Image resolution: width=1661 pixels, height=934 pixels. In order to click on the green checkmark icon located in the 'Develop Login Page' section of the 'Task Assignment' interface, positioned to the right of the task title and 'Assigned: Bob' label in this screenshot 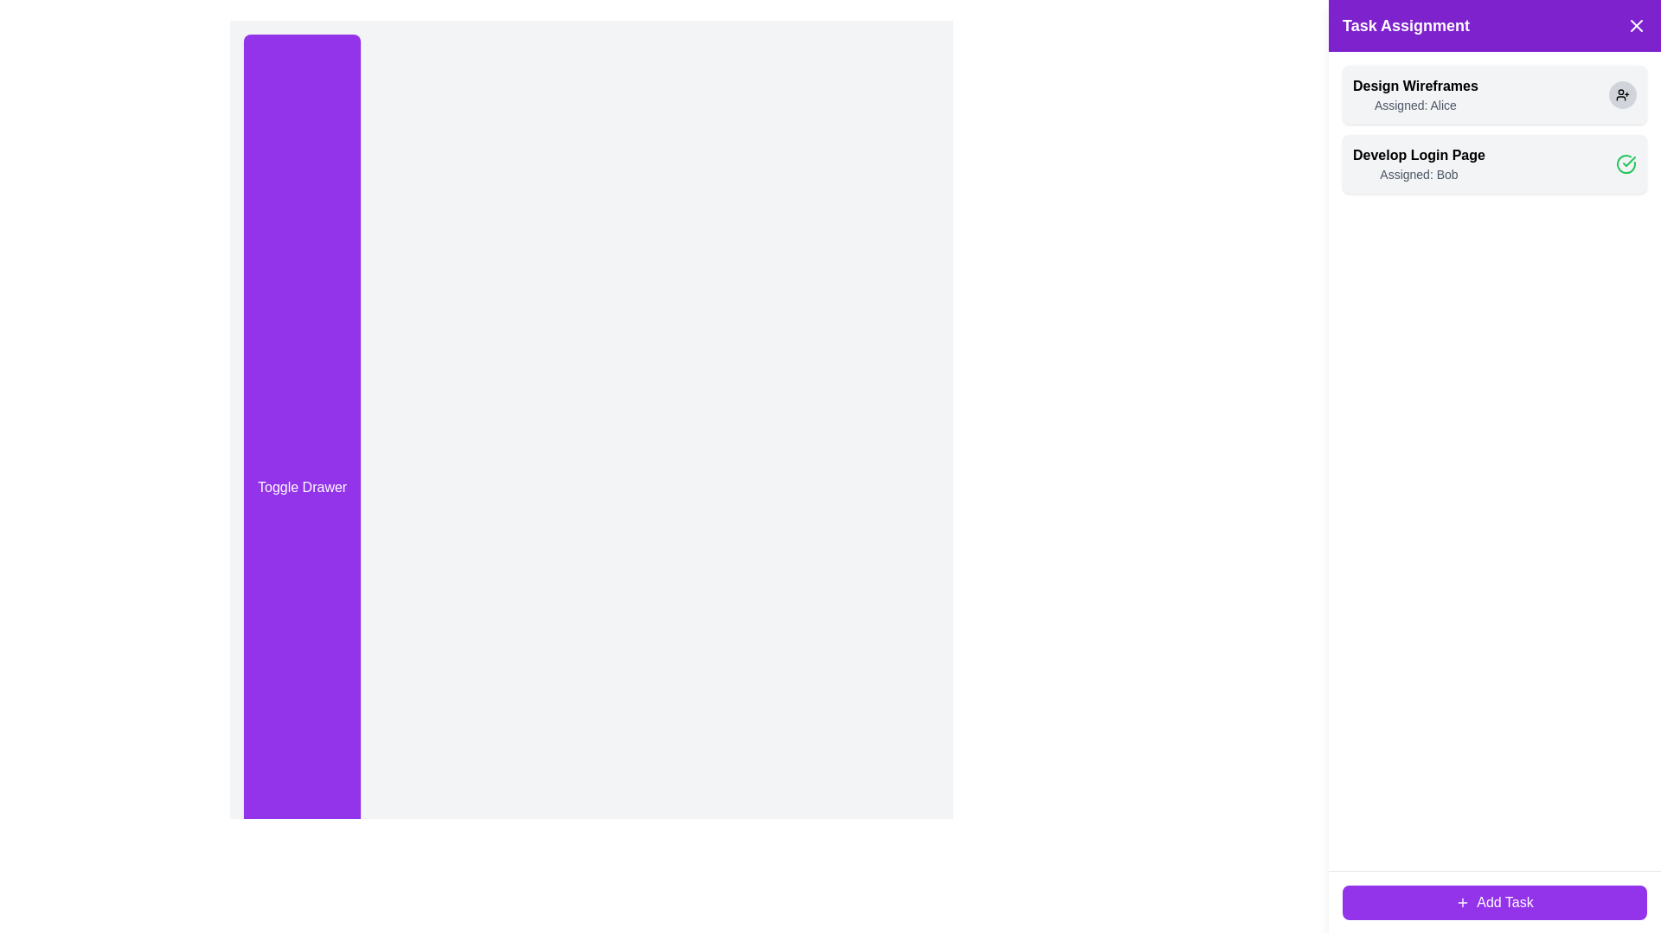, I will do `click(1628, 161)`.